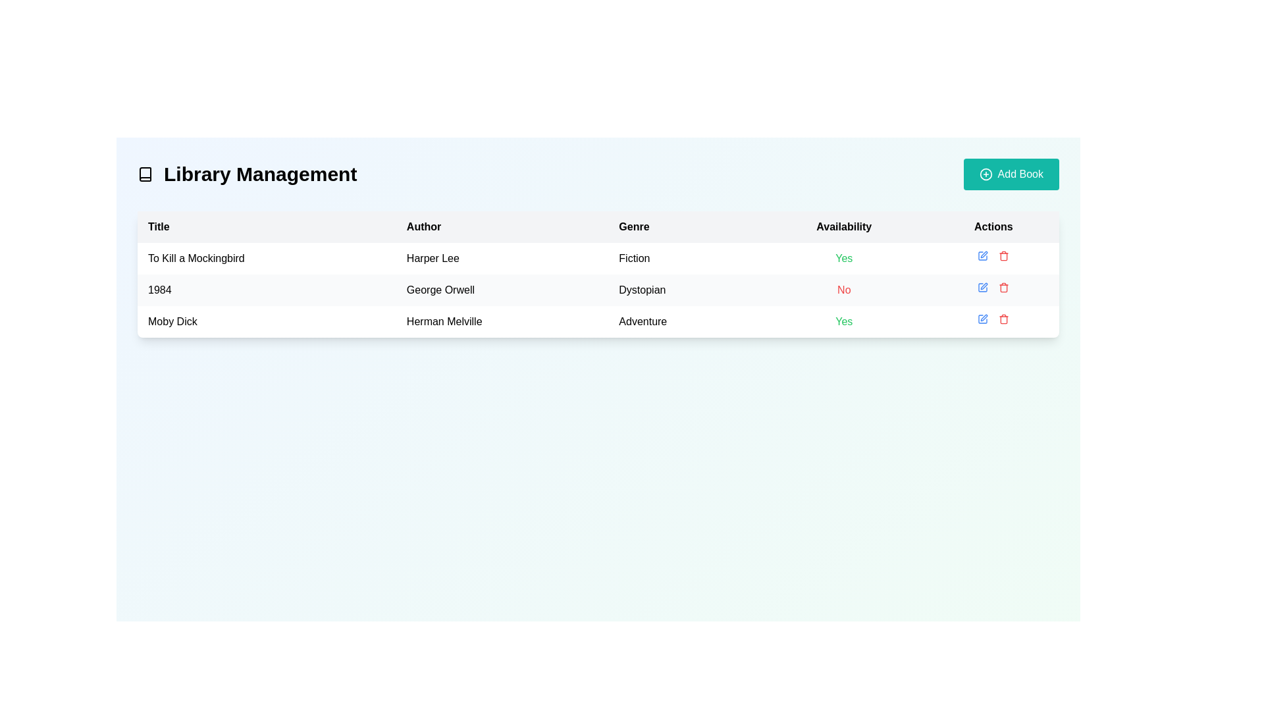  Describe the element at coordinates (984, 317) in the screenshot. I see `the pen icon button located in the 'Actions' column of the third row for the entry 'Moby Dick'` at that location.